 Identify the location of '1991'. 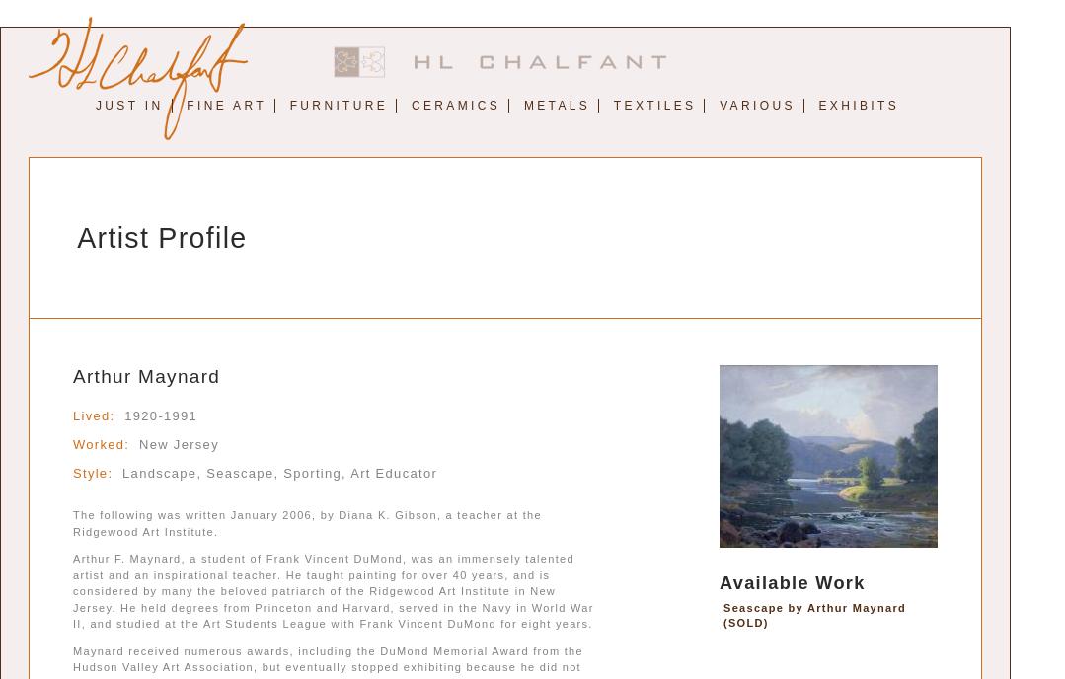
(180, 415).